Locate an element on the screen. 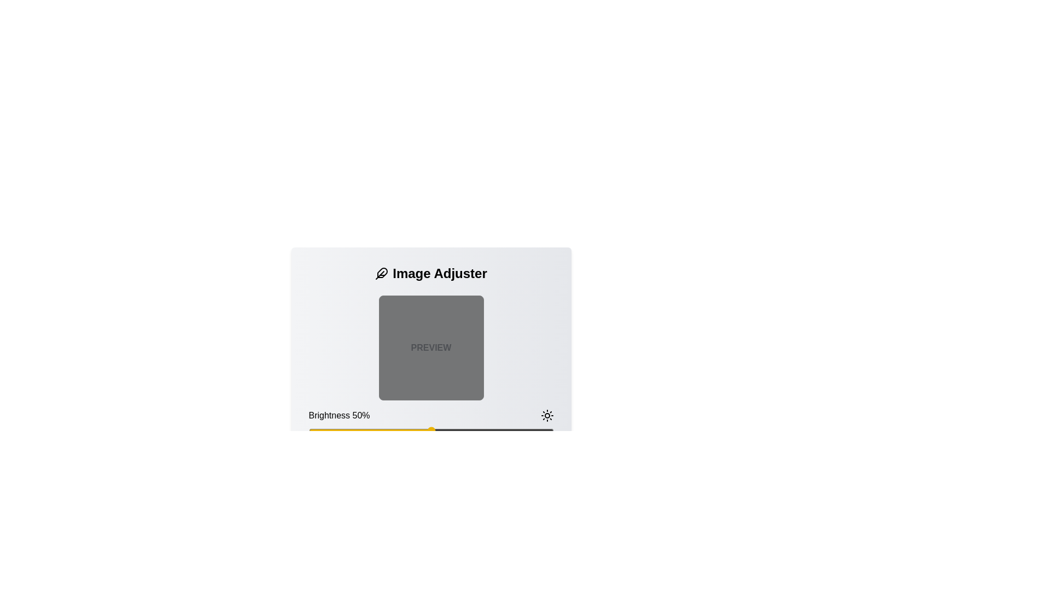 The image size is (1050, 590). the gray square-shaped preview box labeled 'PREVIEW' located below the title 'Image Adjuster' is located at coordinates (430, 373).